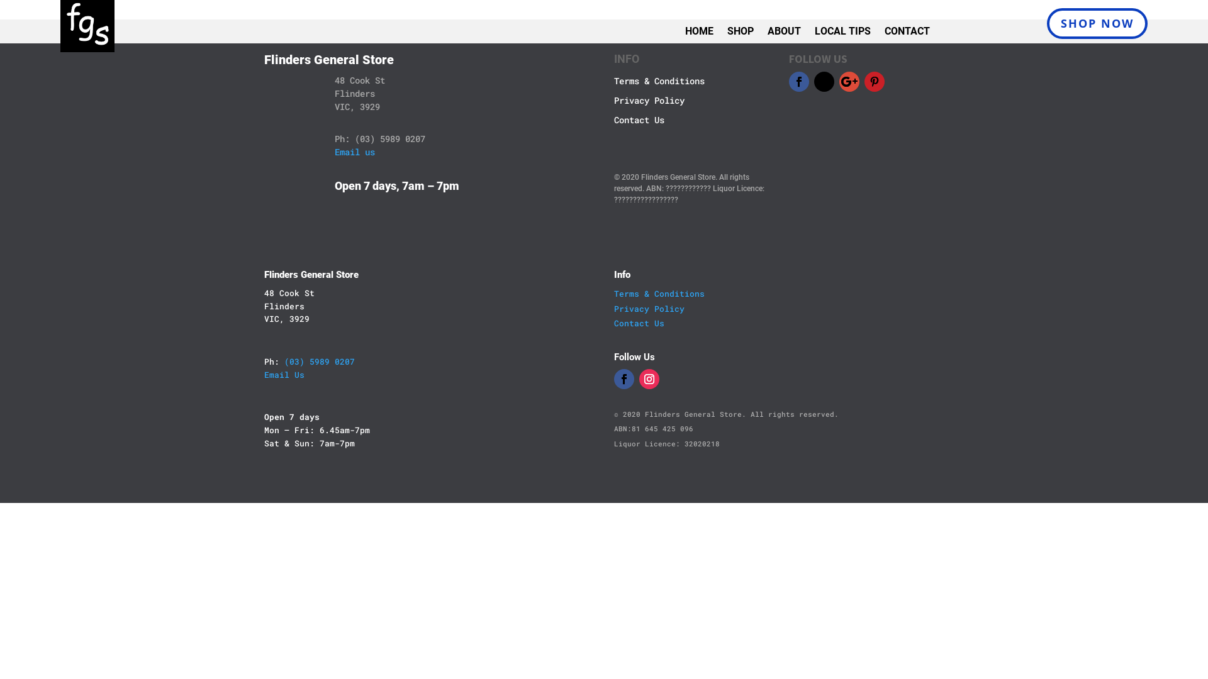 Image resolution: width=1208 pixels, height=679 pixels. Describe the element at coordinates (335, 151) in the screenshot. I see `'Email us'` at that location.